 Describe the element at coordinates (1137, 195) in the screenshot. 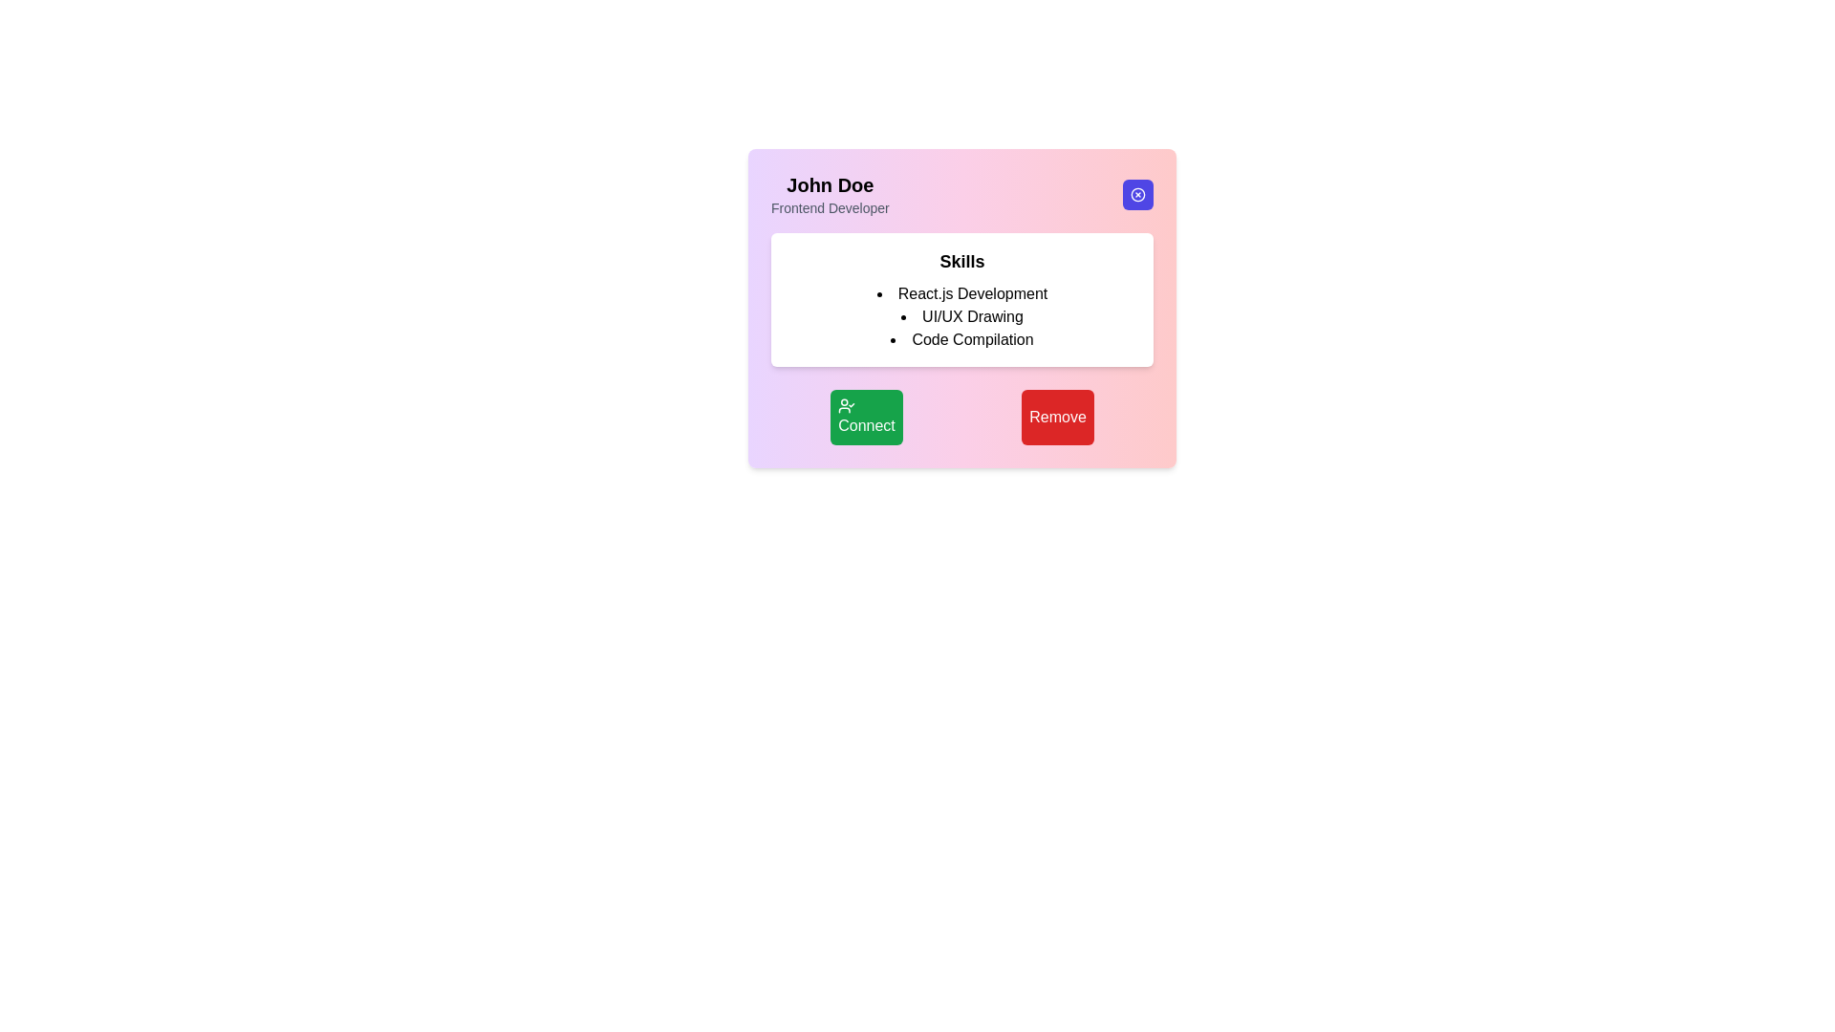

I see `the close button located in the upper-right corner of the user information card containing 'John Doe' and 'Frontend Developer'` at that location.